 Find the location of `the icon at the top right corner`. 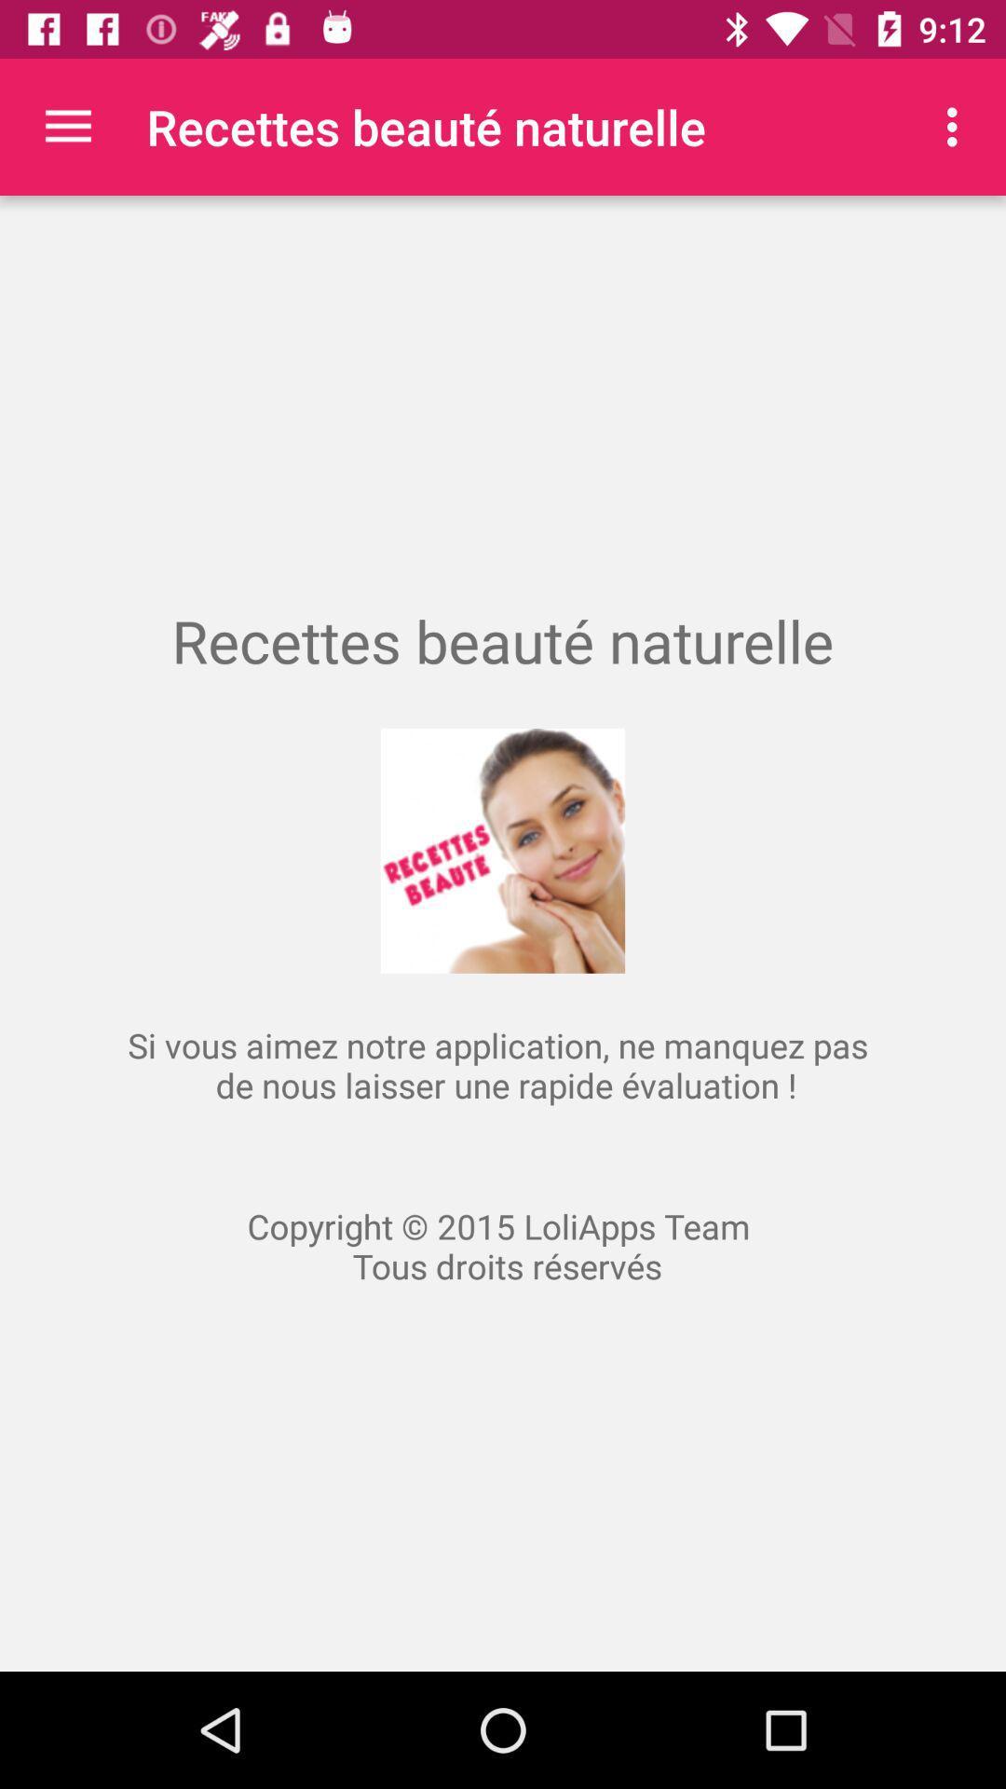

the icon at the top right corner is located at coordinates (957, 126).